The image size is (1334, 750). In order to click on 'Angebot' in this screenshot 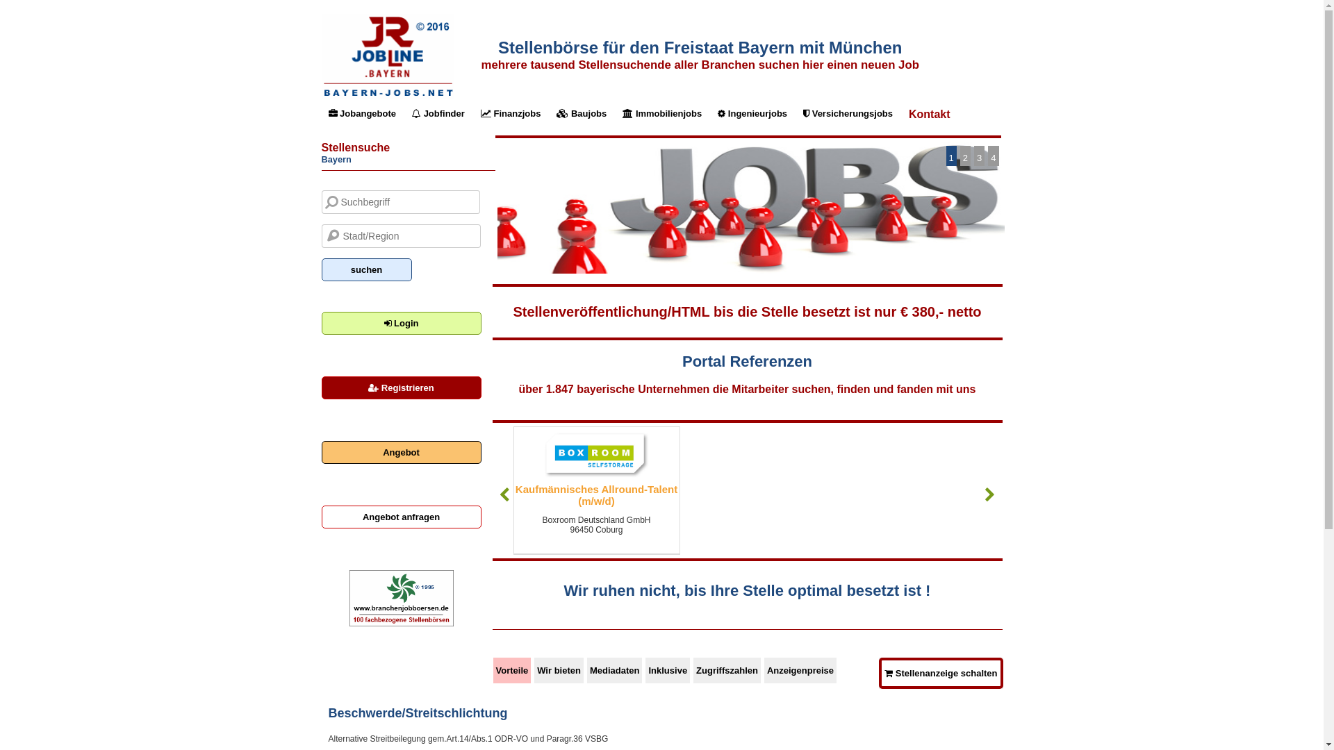, I will do `click(400, 452)`.